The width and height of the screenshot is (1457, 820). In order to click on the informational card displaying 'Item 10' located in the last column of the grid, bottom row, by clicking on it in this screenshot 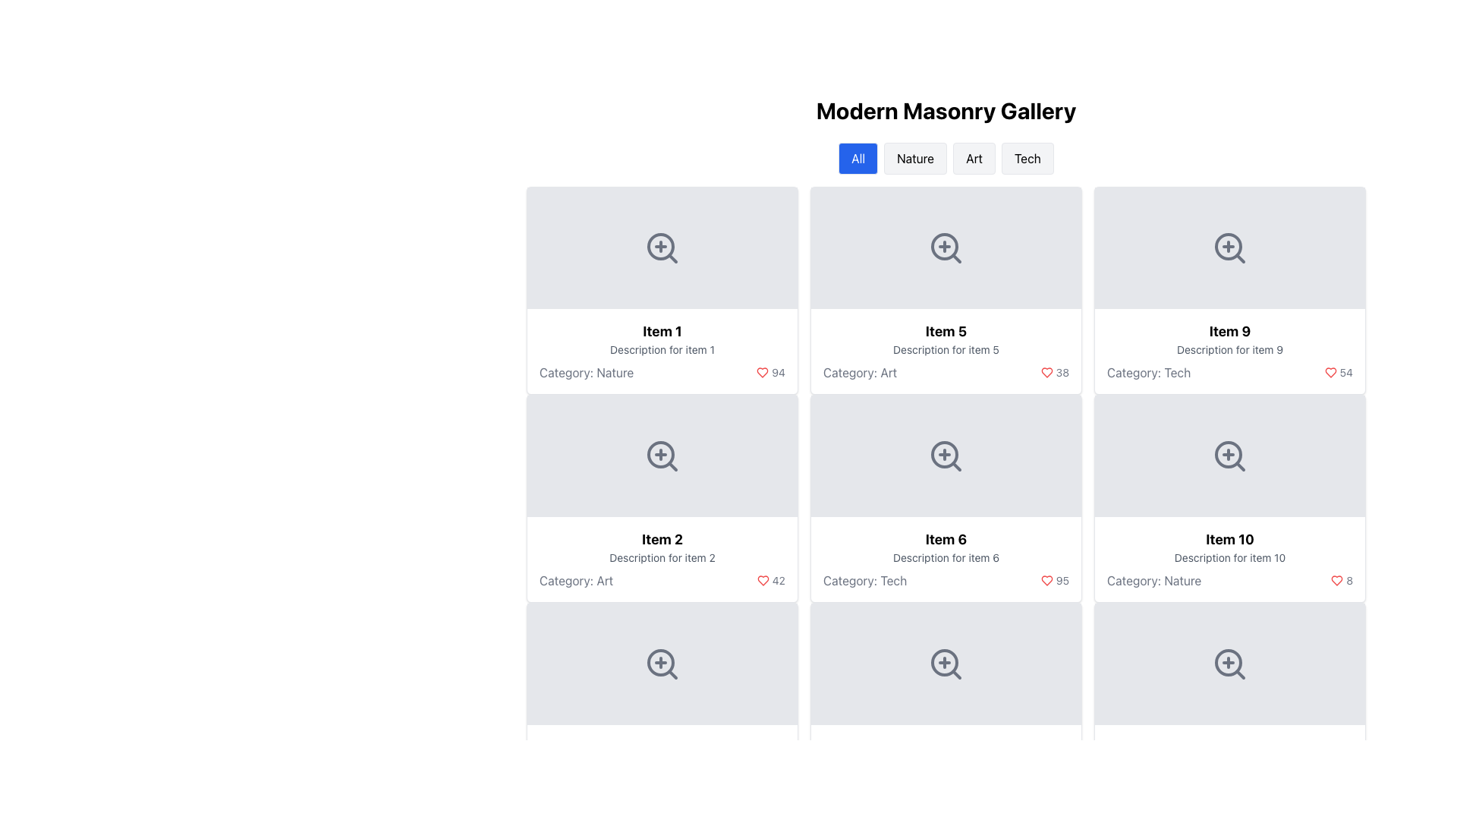, I will do `click(1230, 559)`.